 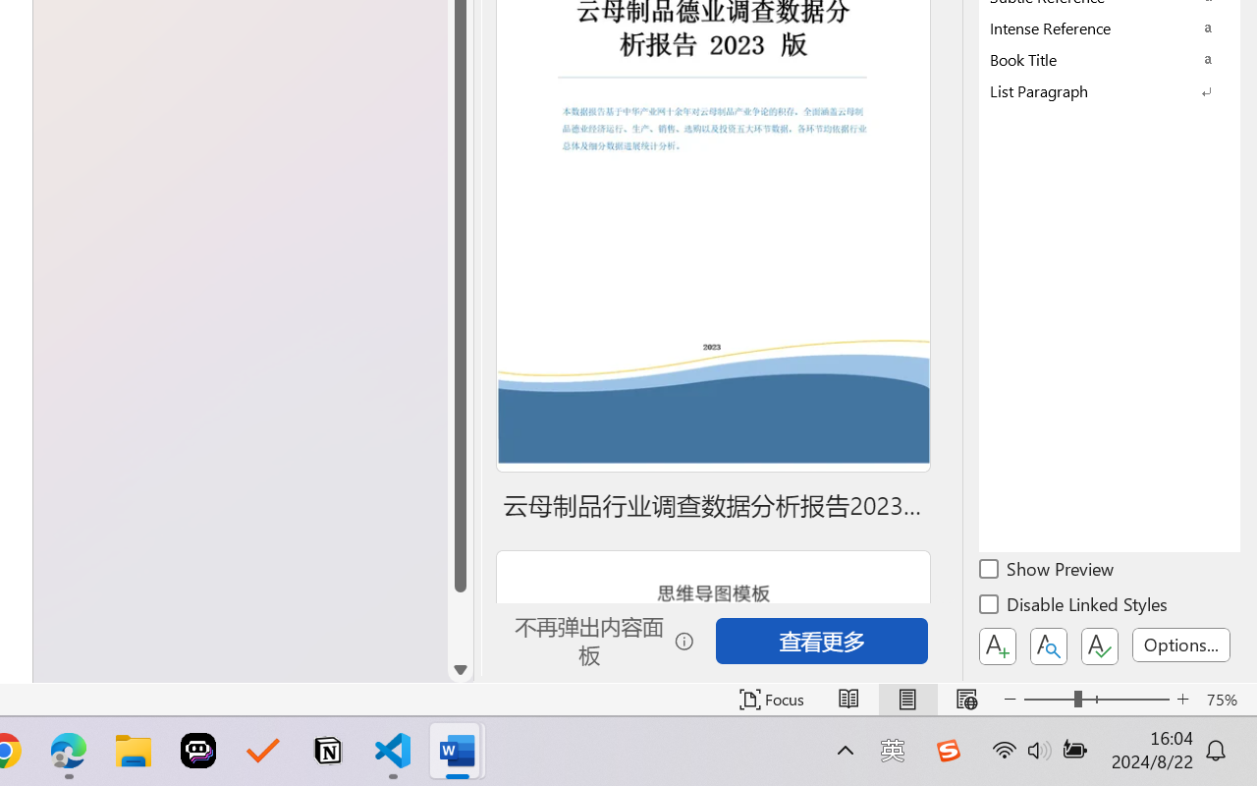 I want to click on 'Line down', so click(x=460, y=670).